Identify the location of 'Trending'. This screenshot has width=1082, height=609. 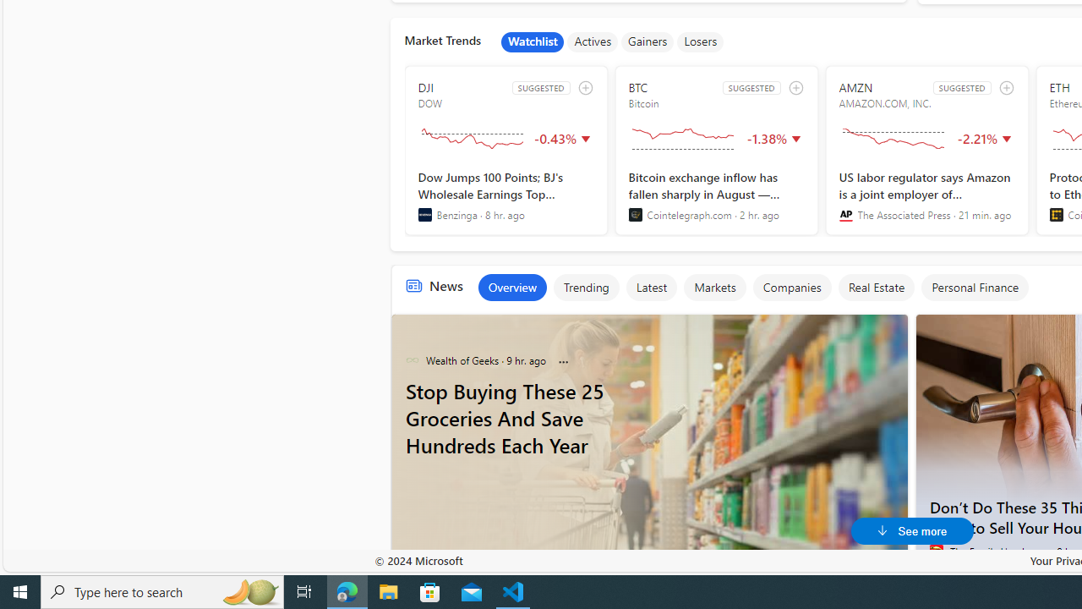
(586, 286).